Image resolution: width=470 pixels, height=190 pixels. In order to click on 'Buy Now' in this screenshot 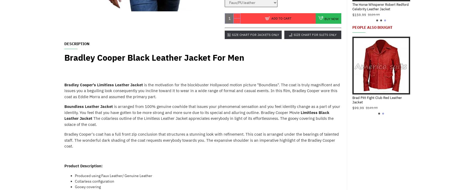, I will do `click(332, 18)`.